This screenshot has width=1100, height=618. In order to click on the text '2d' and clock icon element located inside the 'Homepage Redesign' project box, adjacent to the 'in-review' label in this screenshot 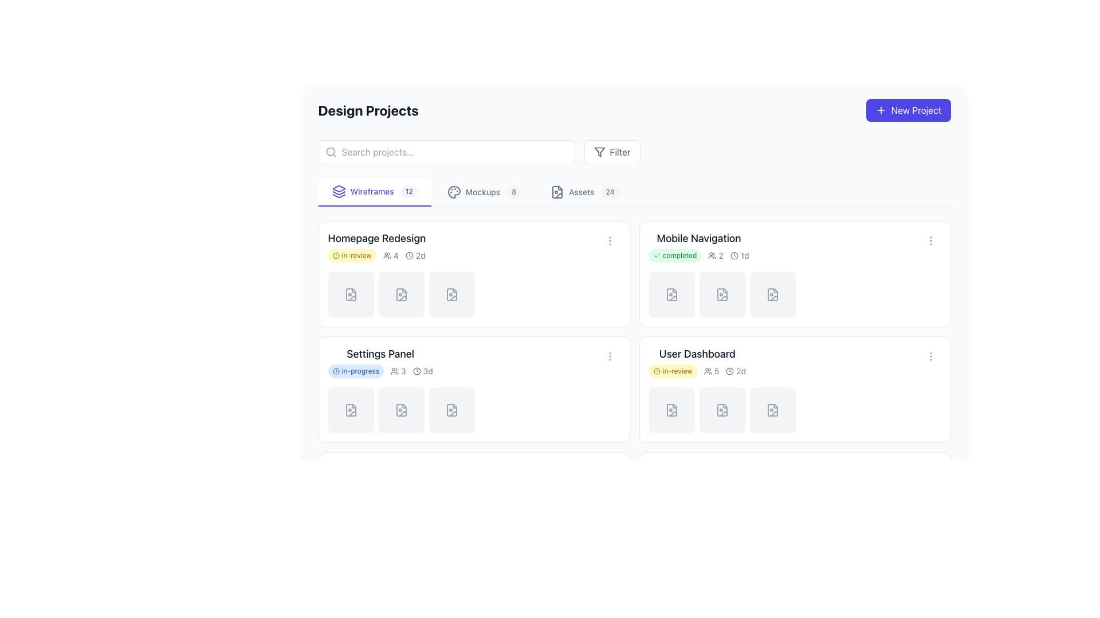, I will do `click(415, 255)`.